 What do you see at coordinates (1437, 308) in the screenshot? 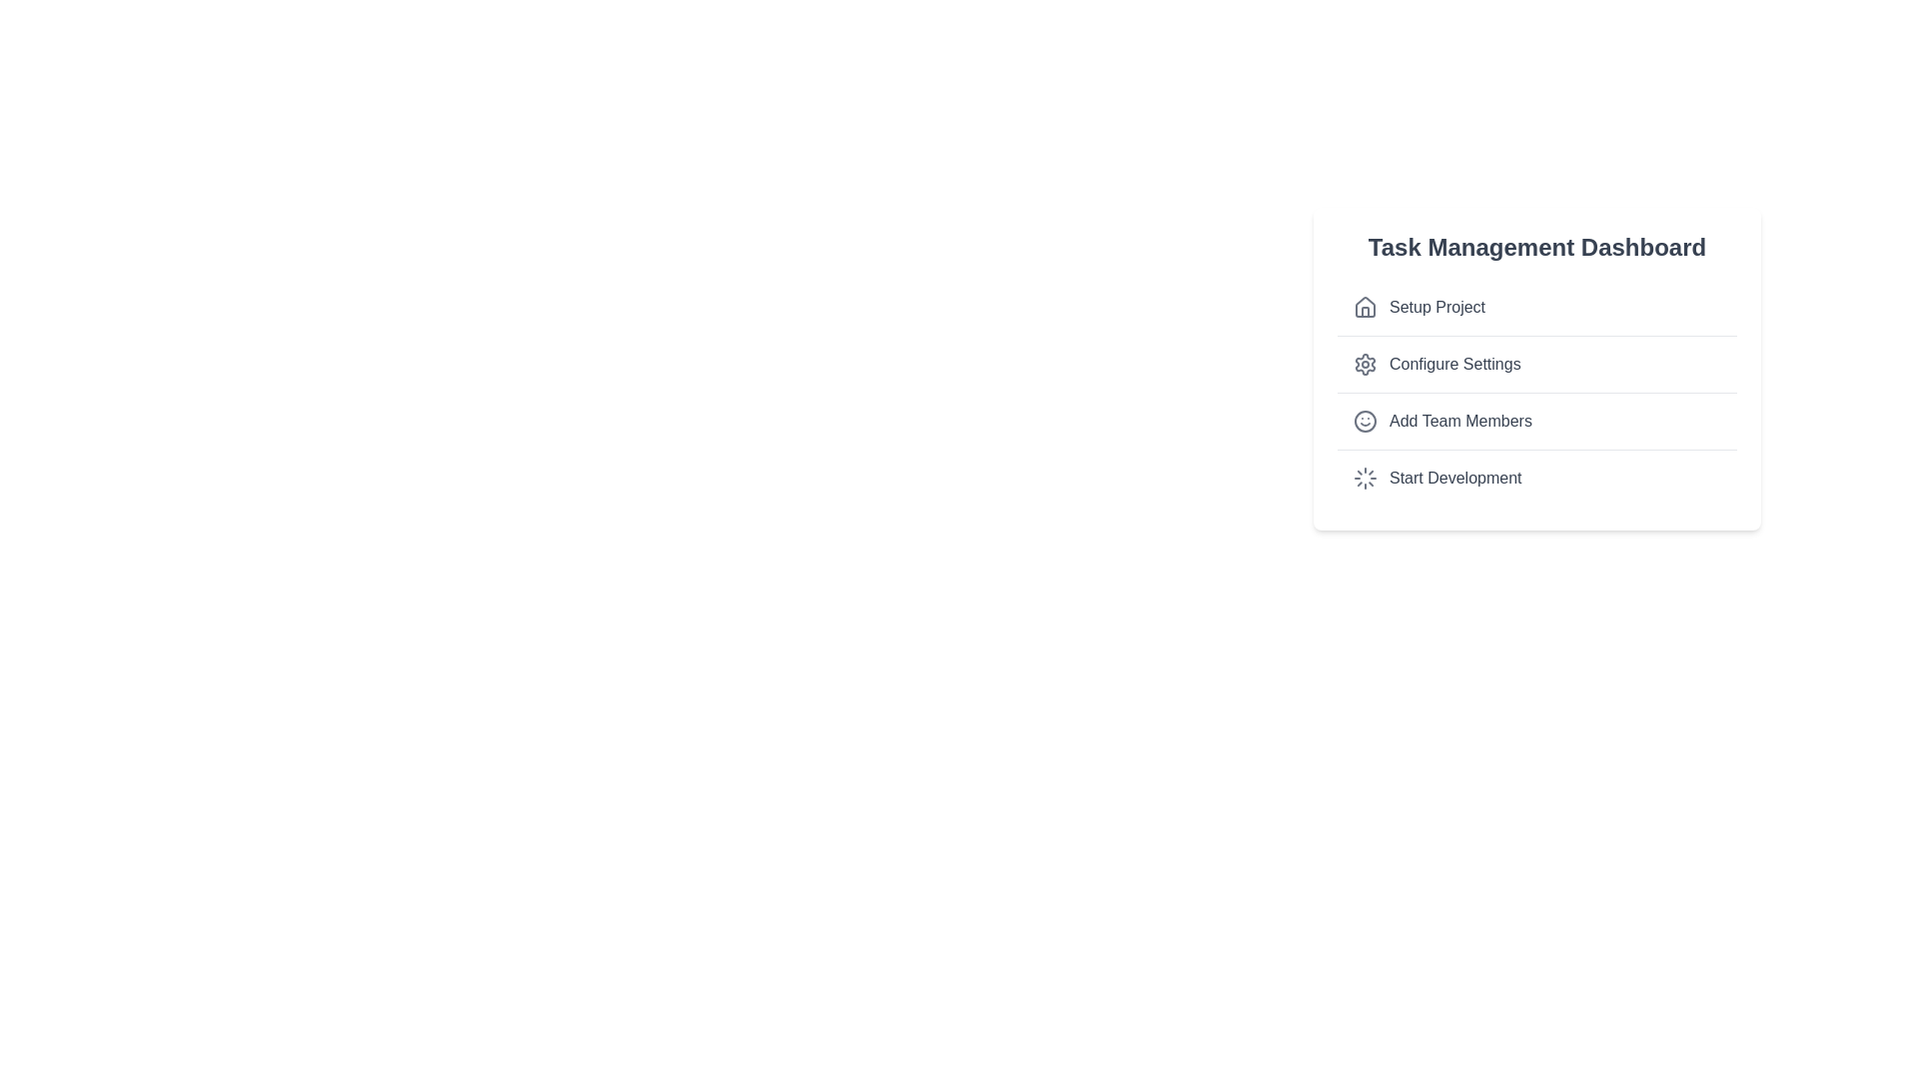
I see `the 'Setup Project' text label in the vertical menu` at bounding box center [1437, 308].